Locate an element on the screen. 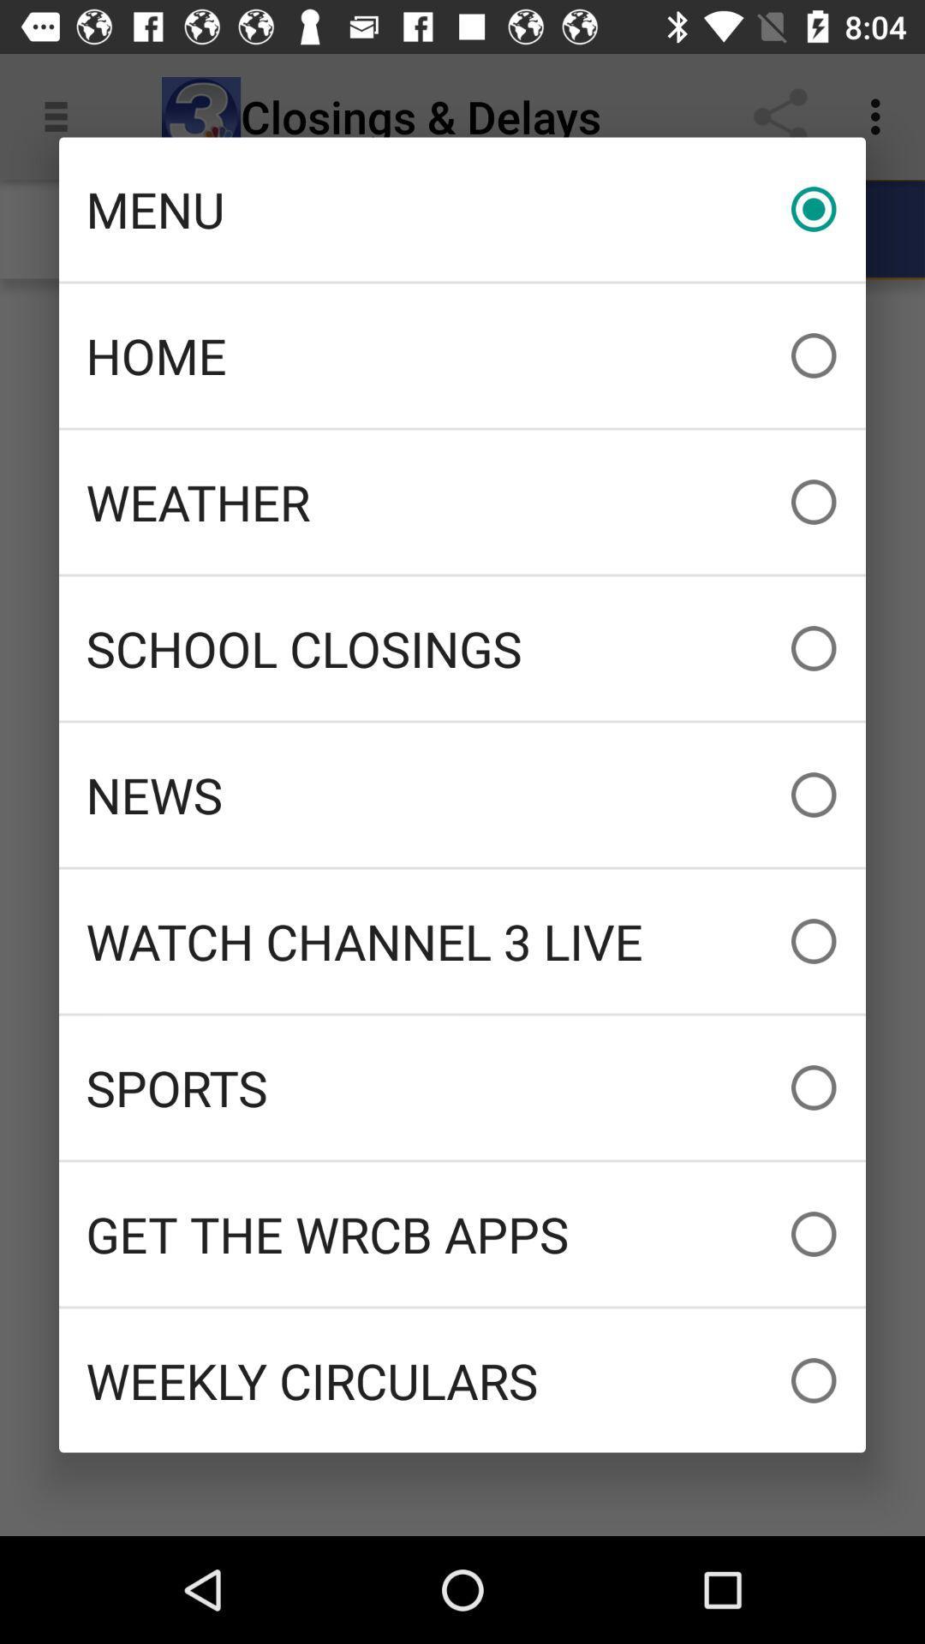 The width and height of the screenshot is (925, 1644). the item above the get the wrcb is located at coordinates (462, 1087).